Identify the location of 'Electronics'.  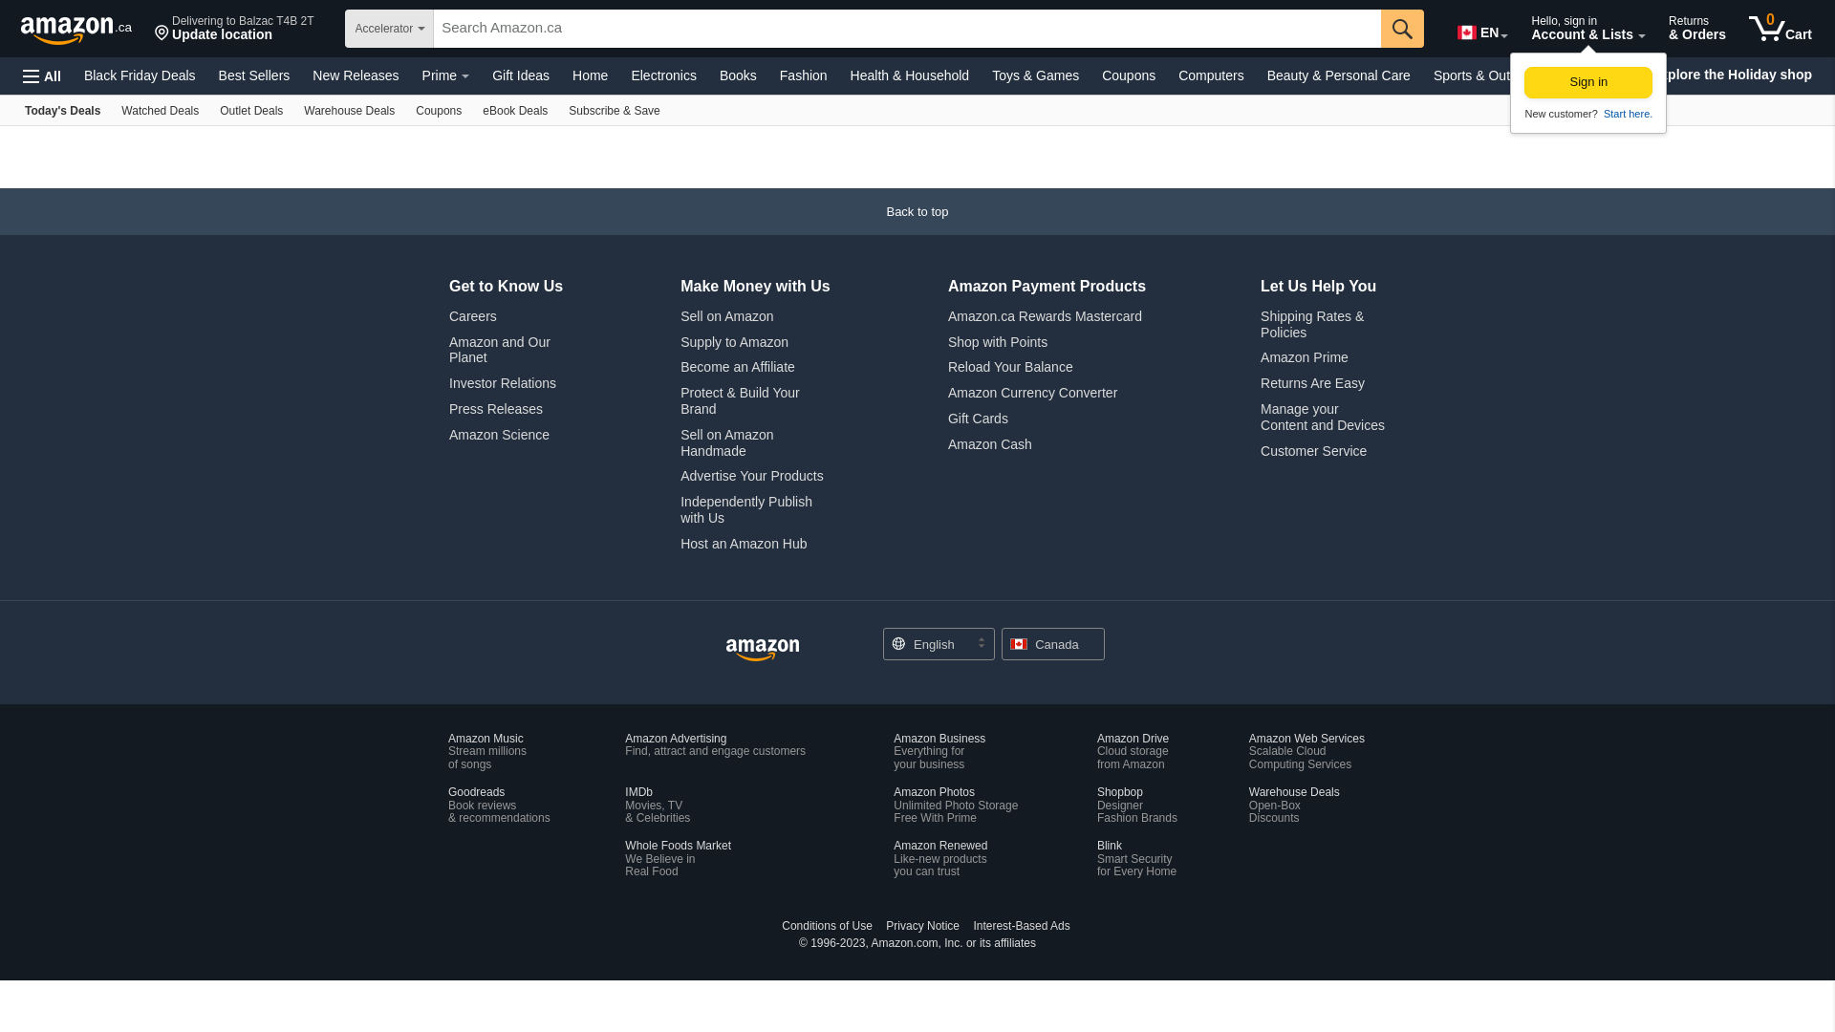
(663, 74).